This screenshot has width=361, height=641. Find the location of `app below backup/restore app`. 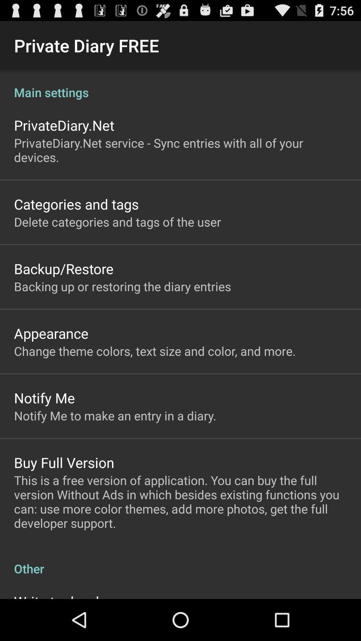

app below backup/restore app is located at coordinates (122, 286).